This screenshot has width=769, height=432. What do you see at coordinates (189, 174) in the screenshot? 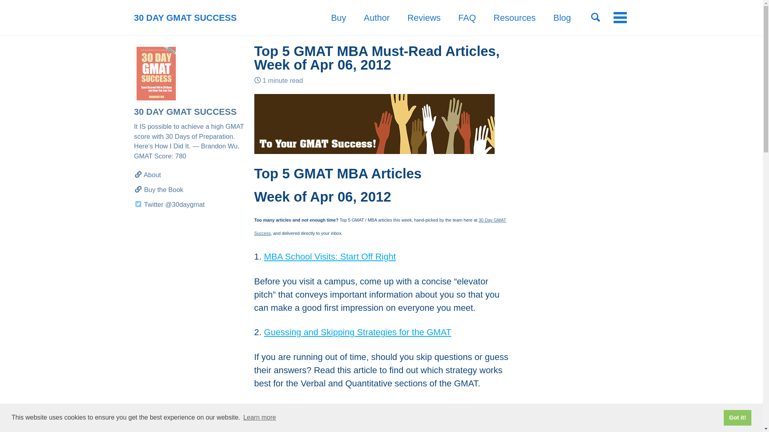
I see `'About'` at bounding box center [189, 174].